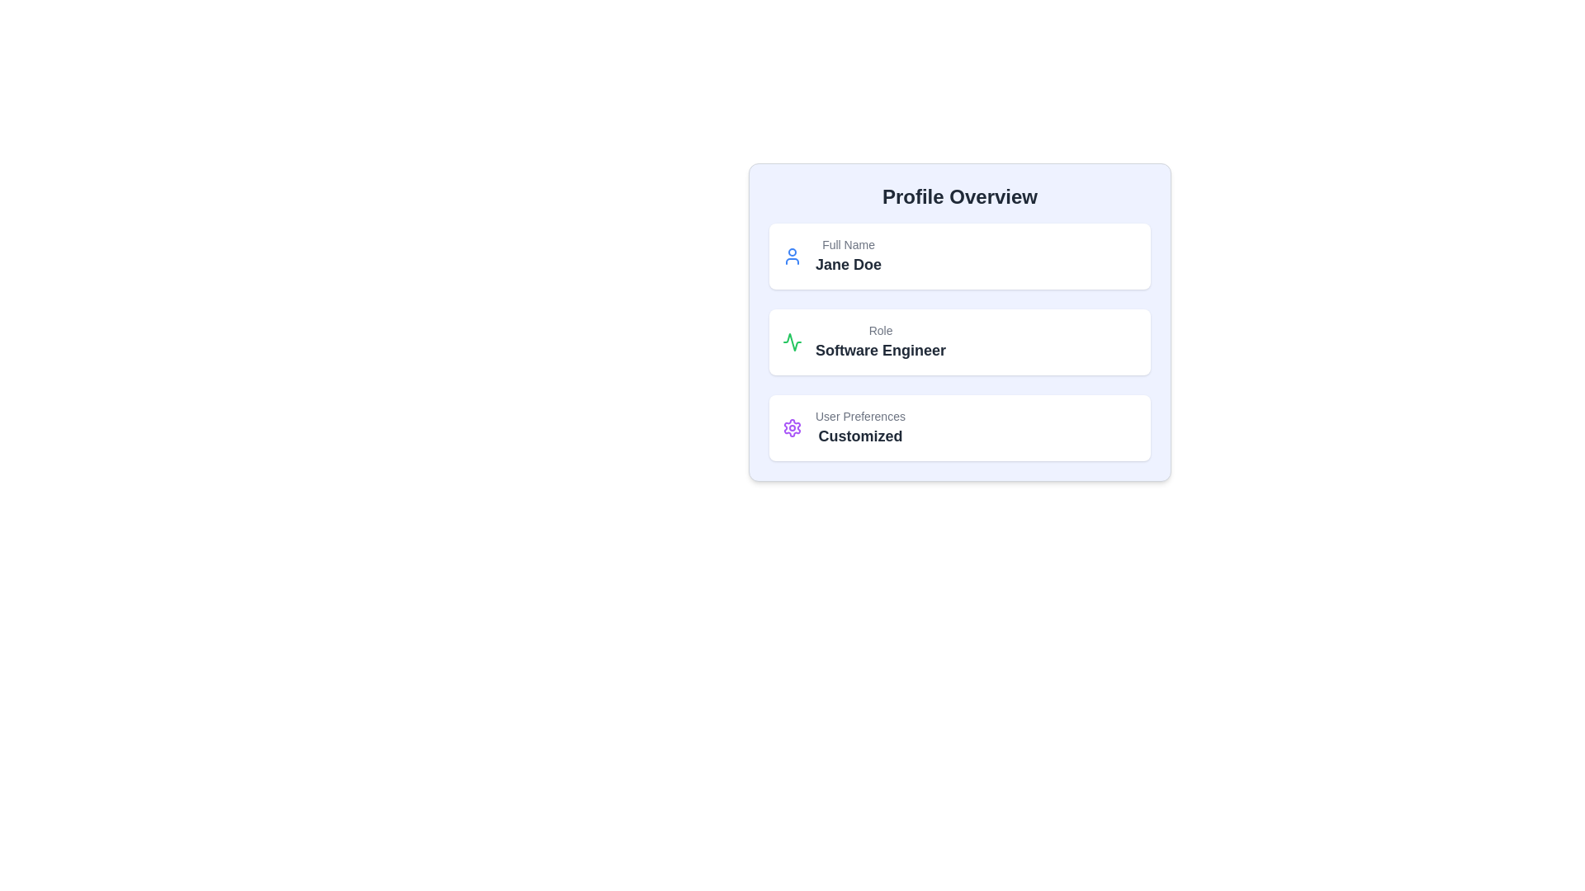  Describe the element at coordinates (879, 342) in the screenshot. I see `the second text block displaying the user's role ('Software Engineer') in the profile interface to copy the text` at that location.